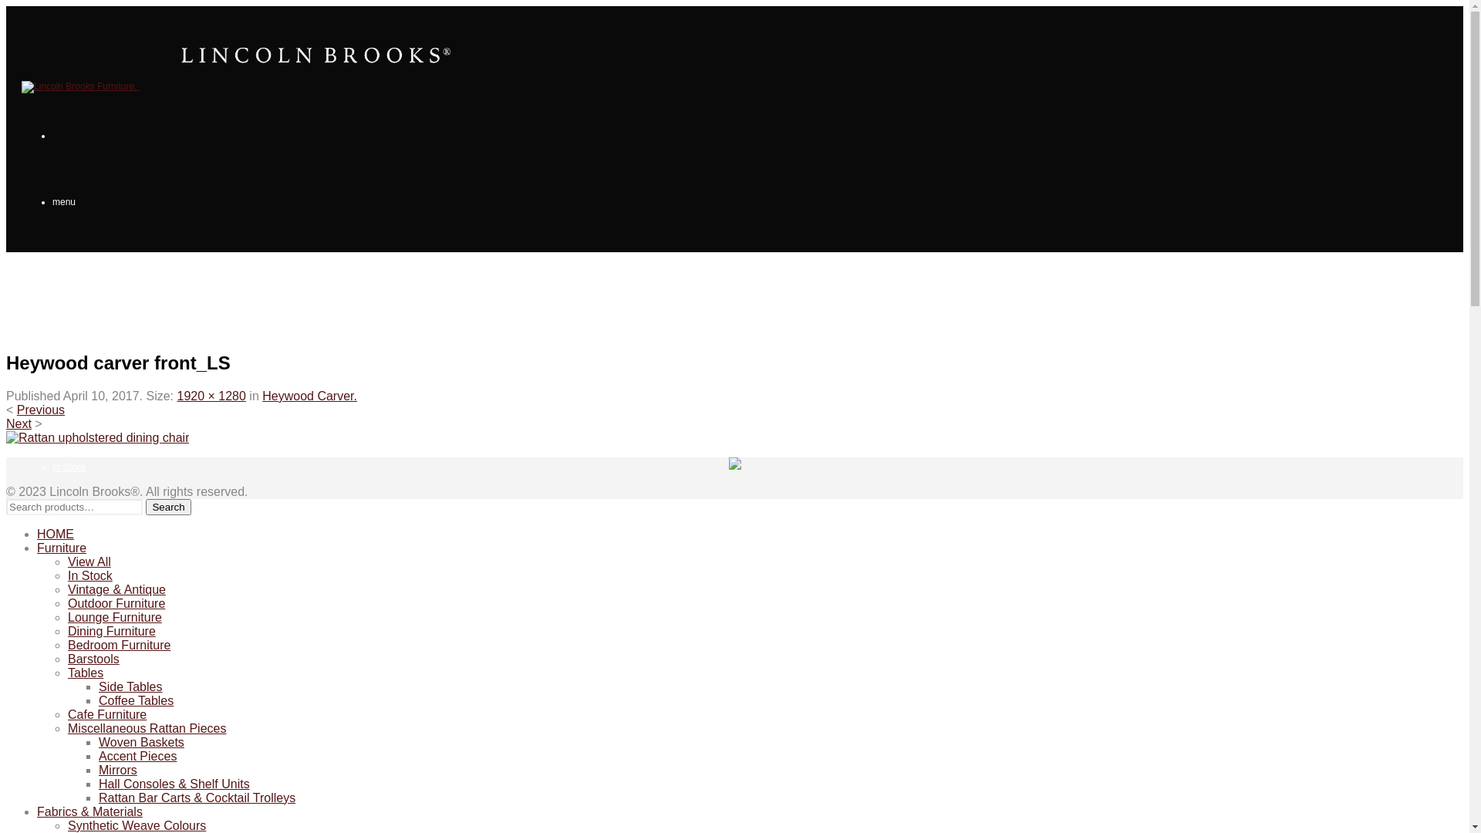 The image size is (1481, 833). Describe the element at coordinates (137, 825) in the screenshot. I see `'Synthetic Weave Colours'` at that location.